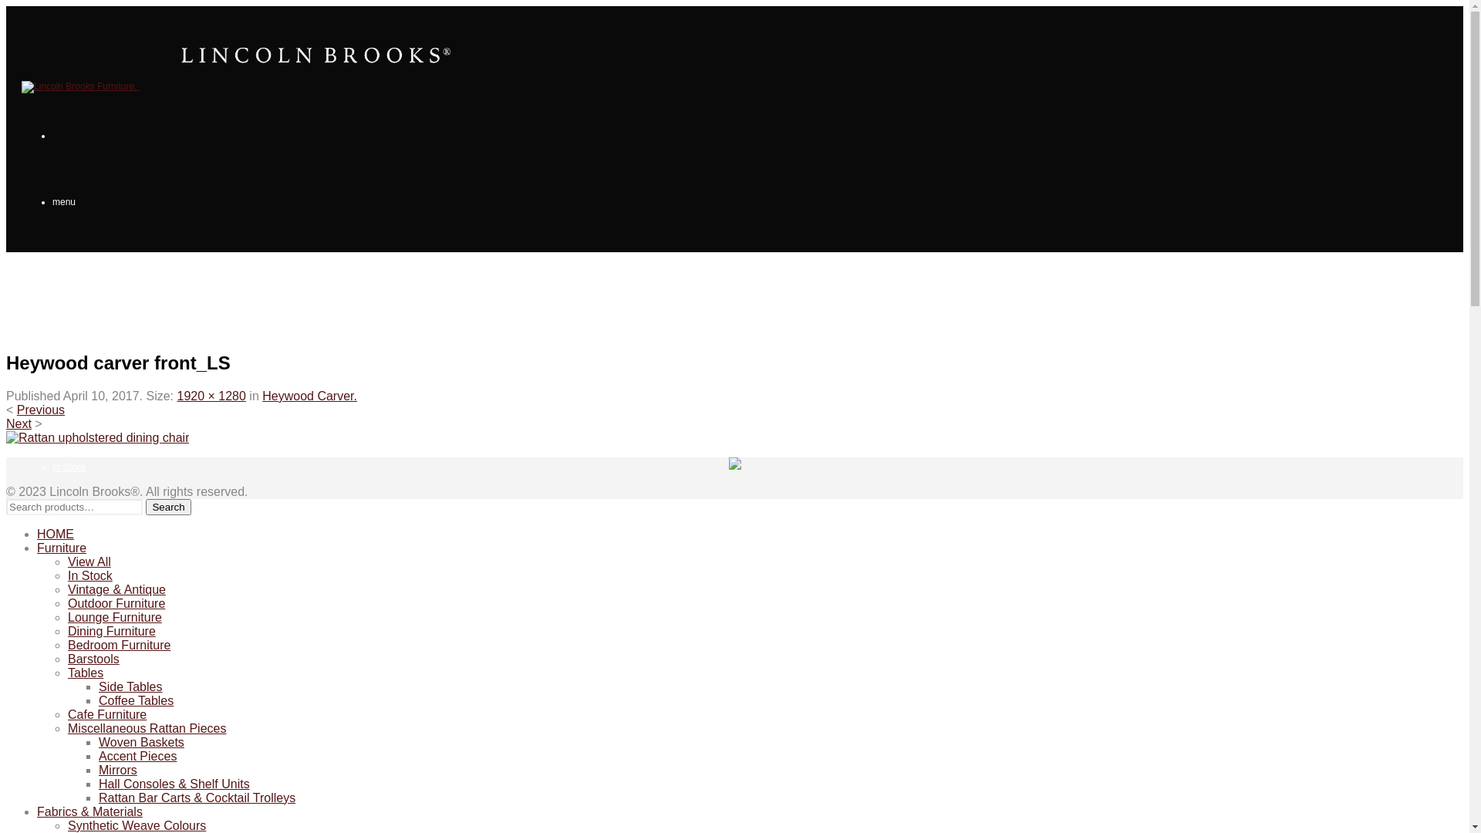 The image size is (1481, 833). Describe the element at coordinates (137, 825) in the screenshot. I see `'Synthetic Weave Colours'` at that location.